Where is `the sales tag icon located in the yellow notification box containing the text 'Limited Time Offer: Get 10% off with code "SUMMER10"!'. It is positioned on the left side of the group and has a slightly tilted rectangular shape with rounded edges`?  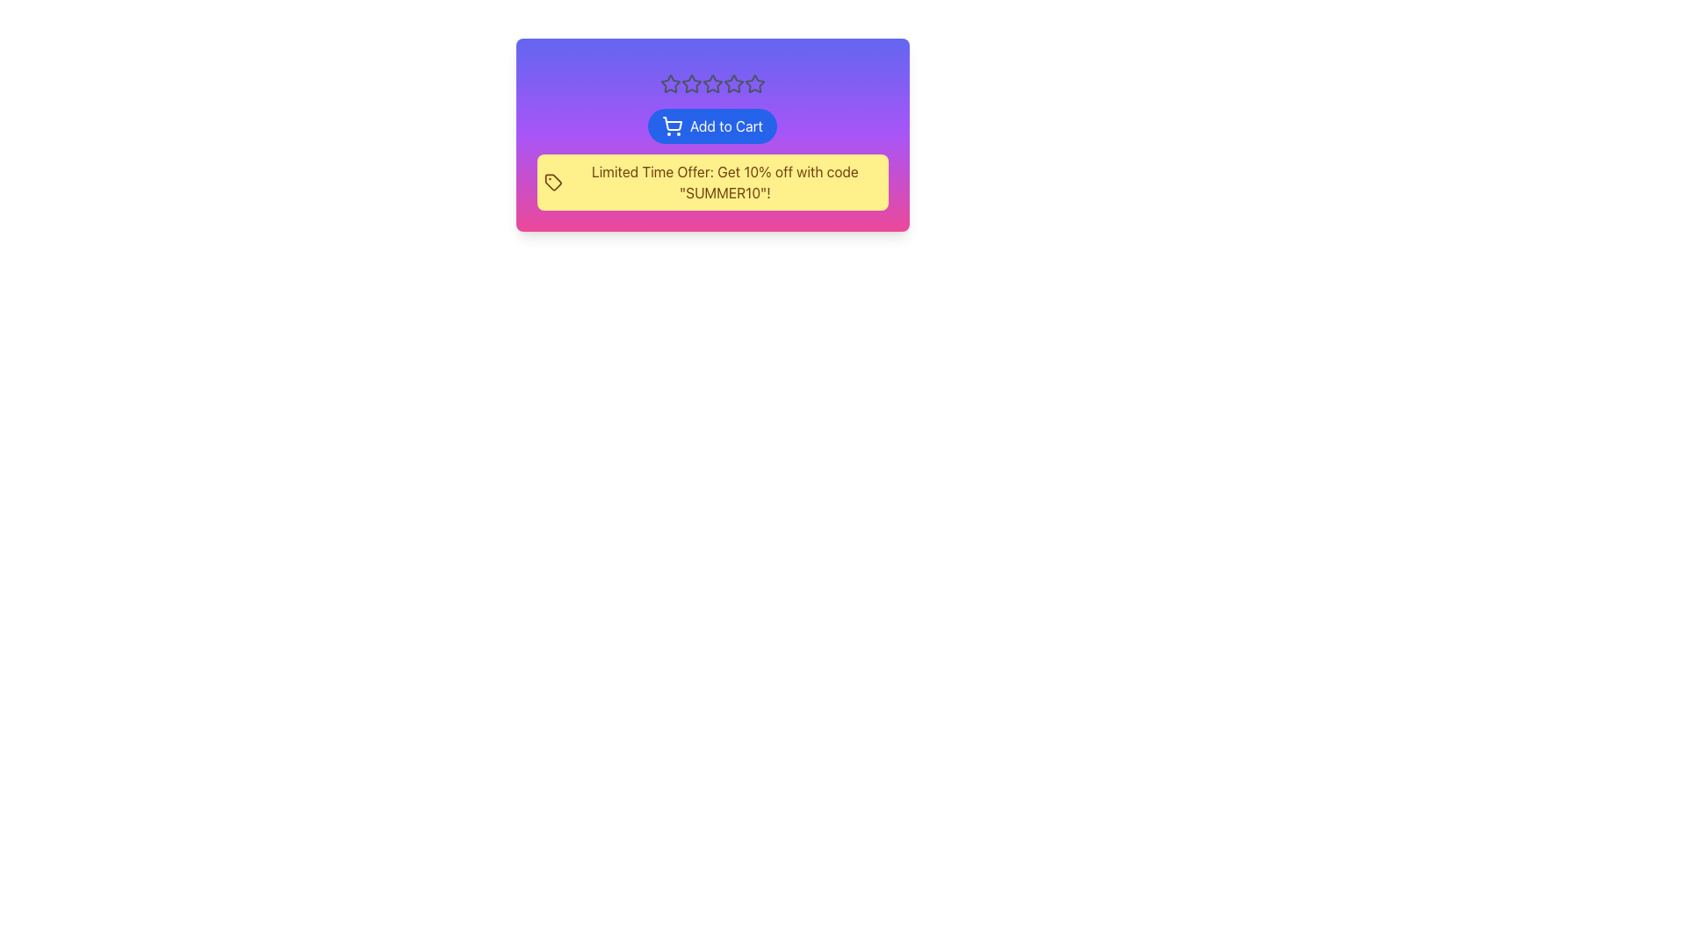
the sales tag icon located in the yellow notification box containing the text 'Limited Time Offer: Get 10% off with code "SUMMER10"!'. It is positioned on the left side of the group and has a slightly tilted rectangular shape with rounded edges is located at coordinates (551, 183).